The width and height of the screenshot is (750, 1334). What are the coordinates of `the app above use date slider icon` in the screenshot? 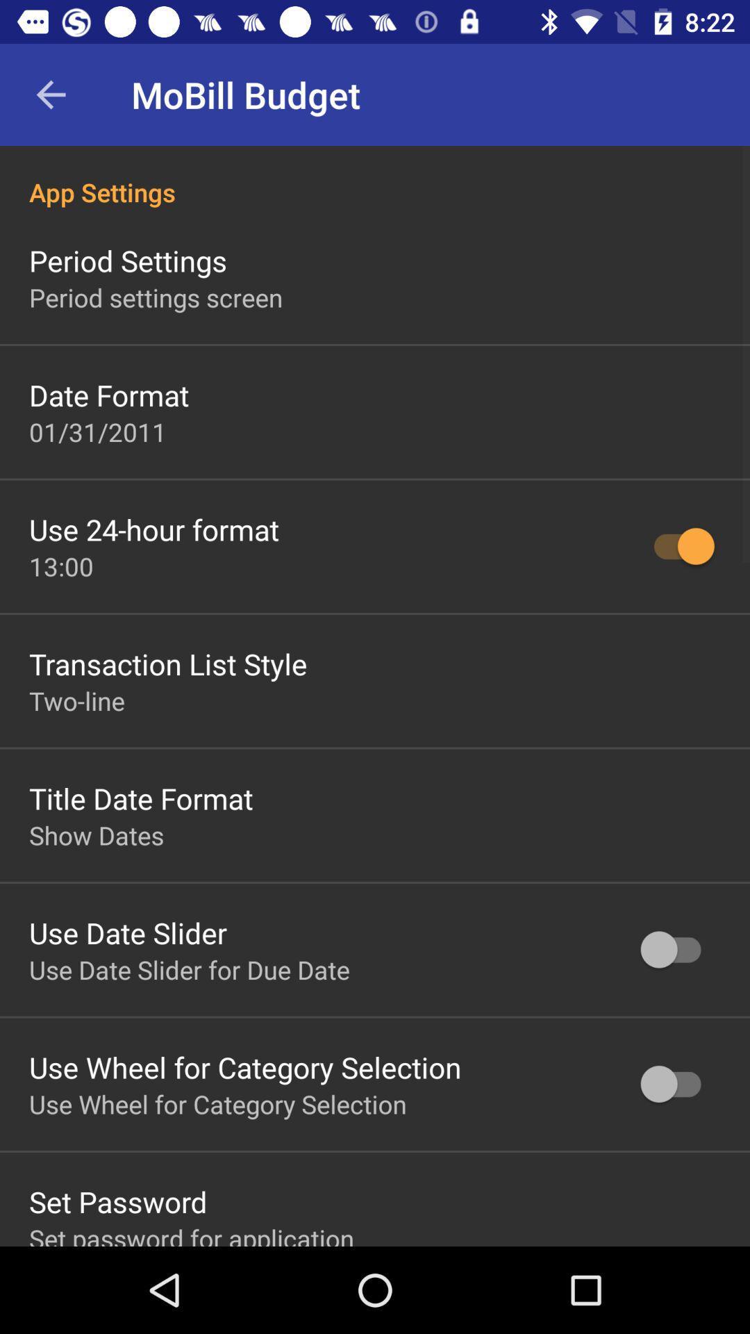 It's located at (96, 834).